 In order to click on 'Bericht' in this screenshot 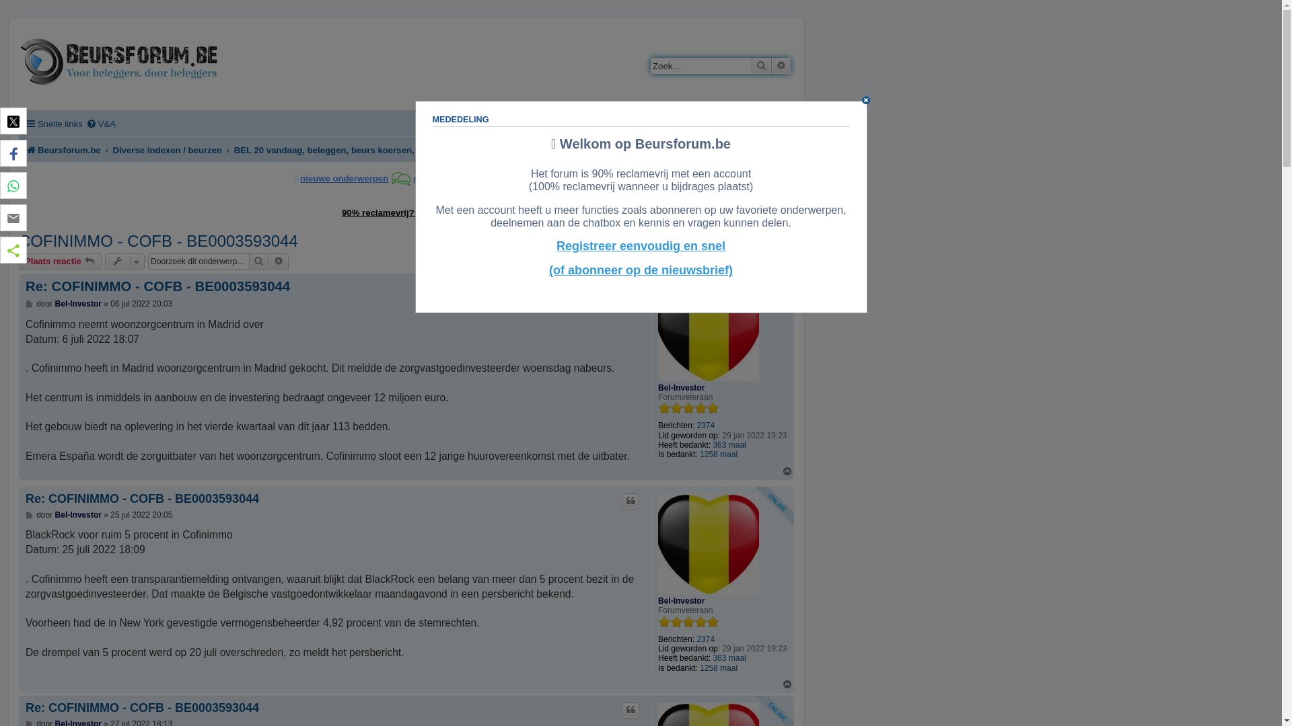, I will do `click(30, 514)`.